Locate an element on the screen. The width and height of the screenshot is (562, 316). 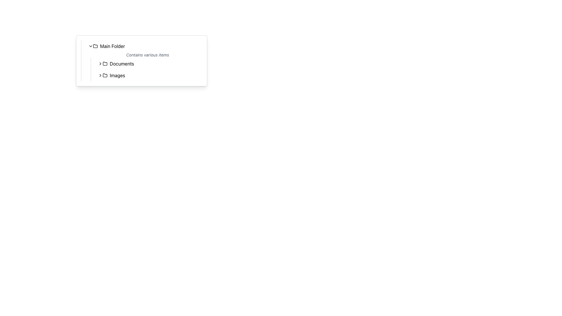
the chevron-right icon located adjacent to the 'Images' folder label, which is used for navigation or expansion is located at coordinates (100, 75).